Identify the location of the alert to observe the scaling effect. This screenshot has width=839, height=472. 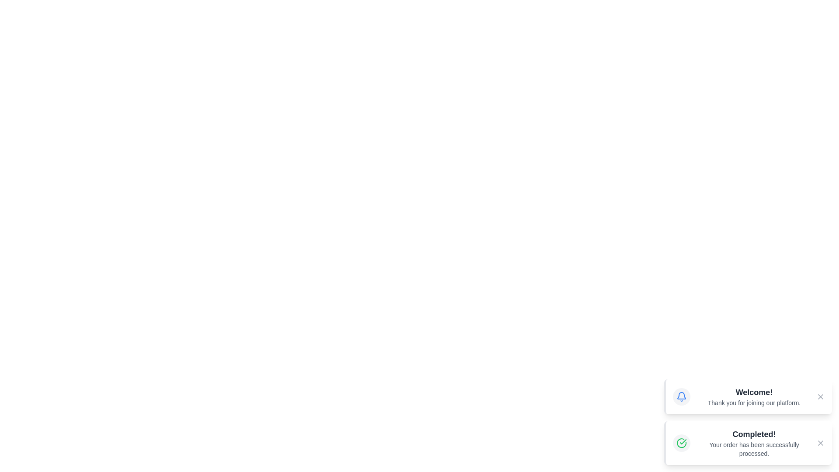
(748, 396).